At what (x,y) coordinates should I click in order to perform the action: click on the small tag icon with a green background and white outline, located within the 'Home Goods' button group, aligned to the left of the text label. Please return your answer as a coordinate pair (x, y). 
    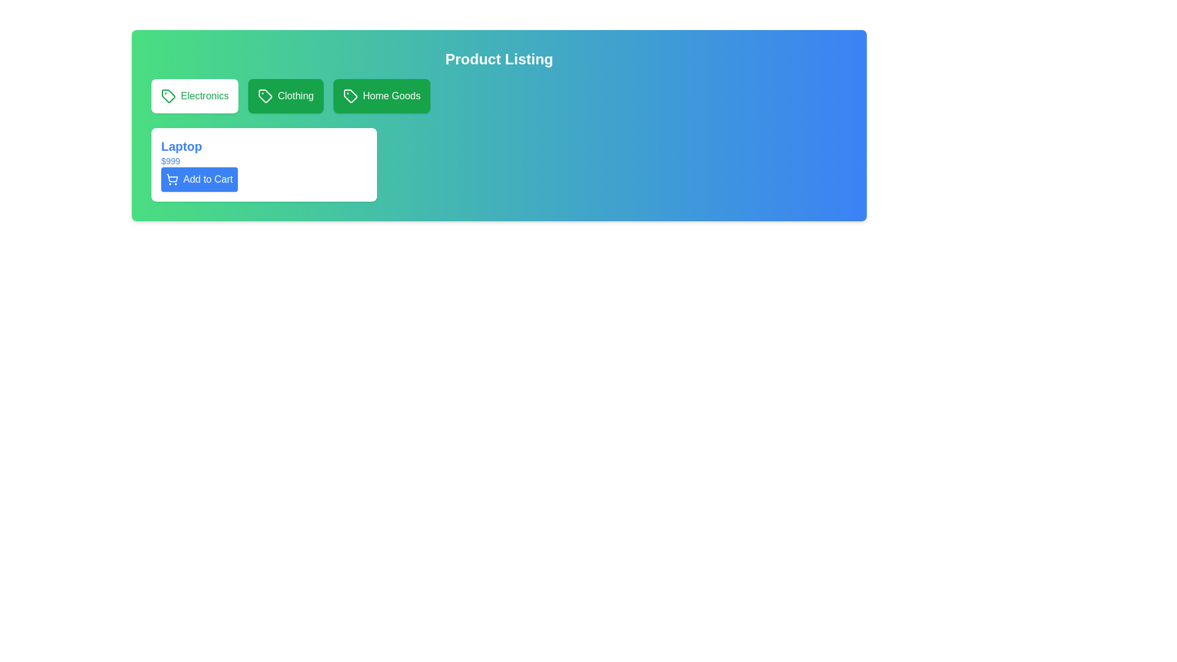
    Looking at the image, I should click on (349, 96).